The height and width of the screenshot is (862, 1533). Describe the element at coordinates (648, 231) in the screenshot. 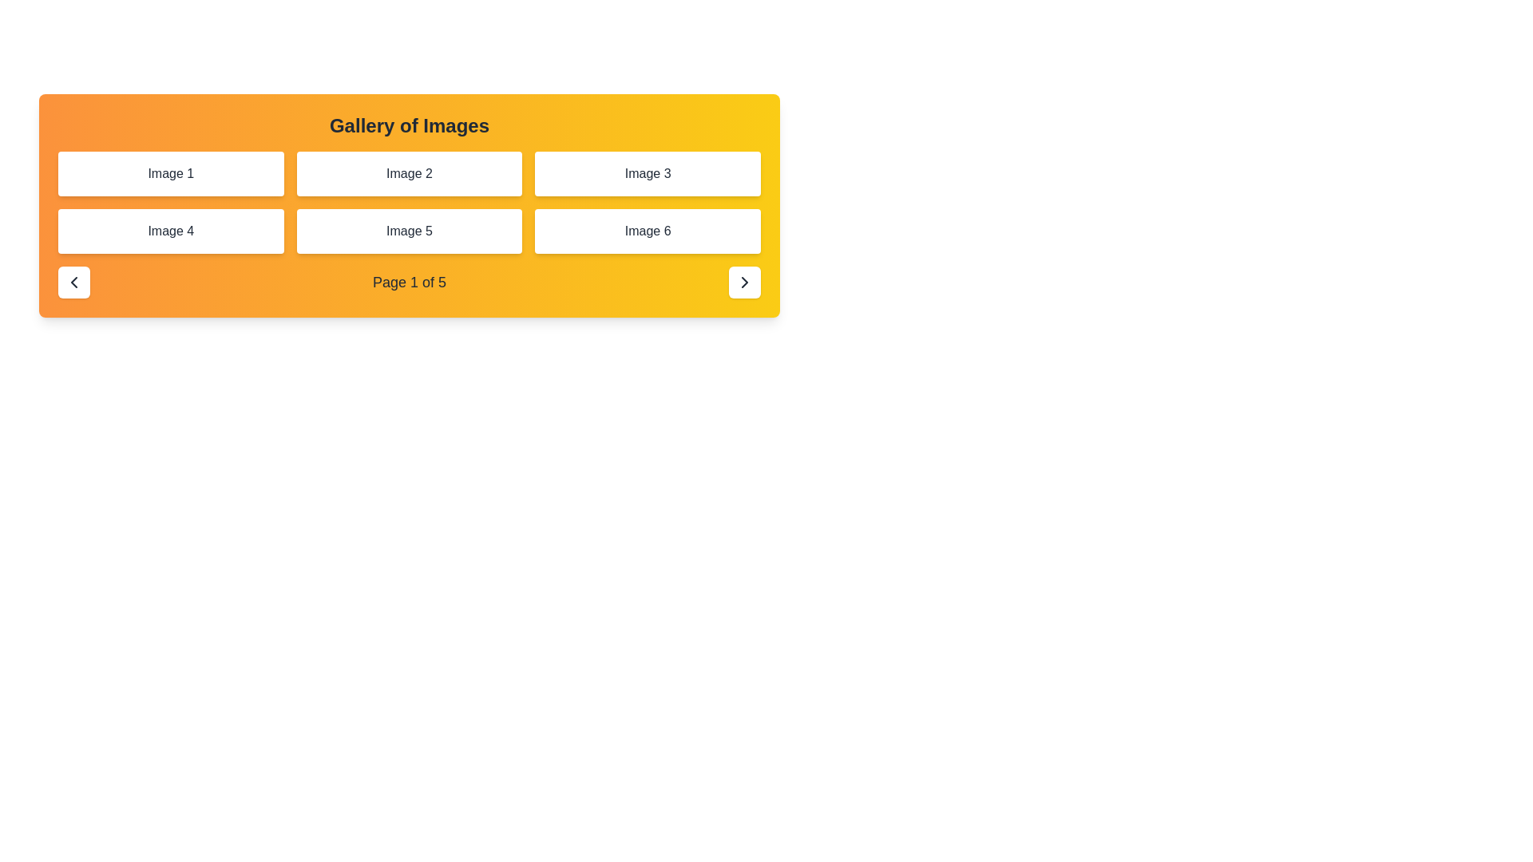

I see `text from the Informational card labeled 'Image 6', which is a rectangular card located in the bottom-right corner of the grid layout` at that location.